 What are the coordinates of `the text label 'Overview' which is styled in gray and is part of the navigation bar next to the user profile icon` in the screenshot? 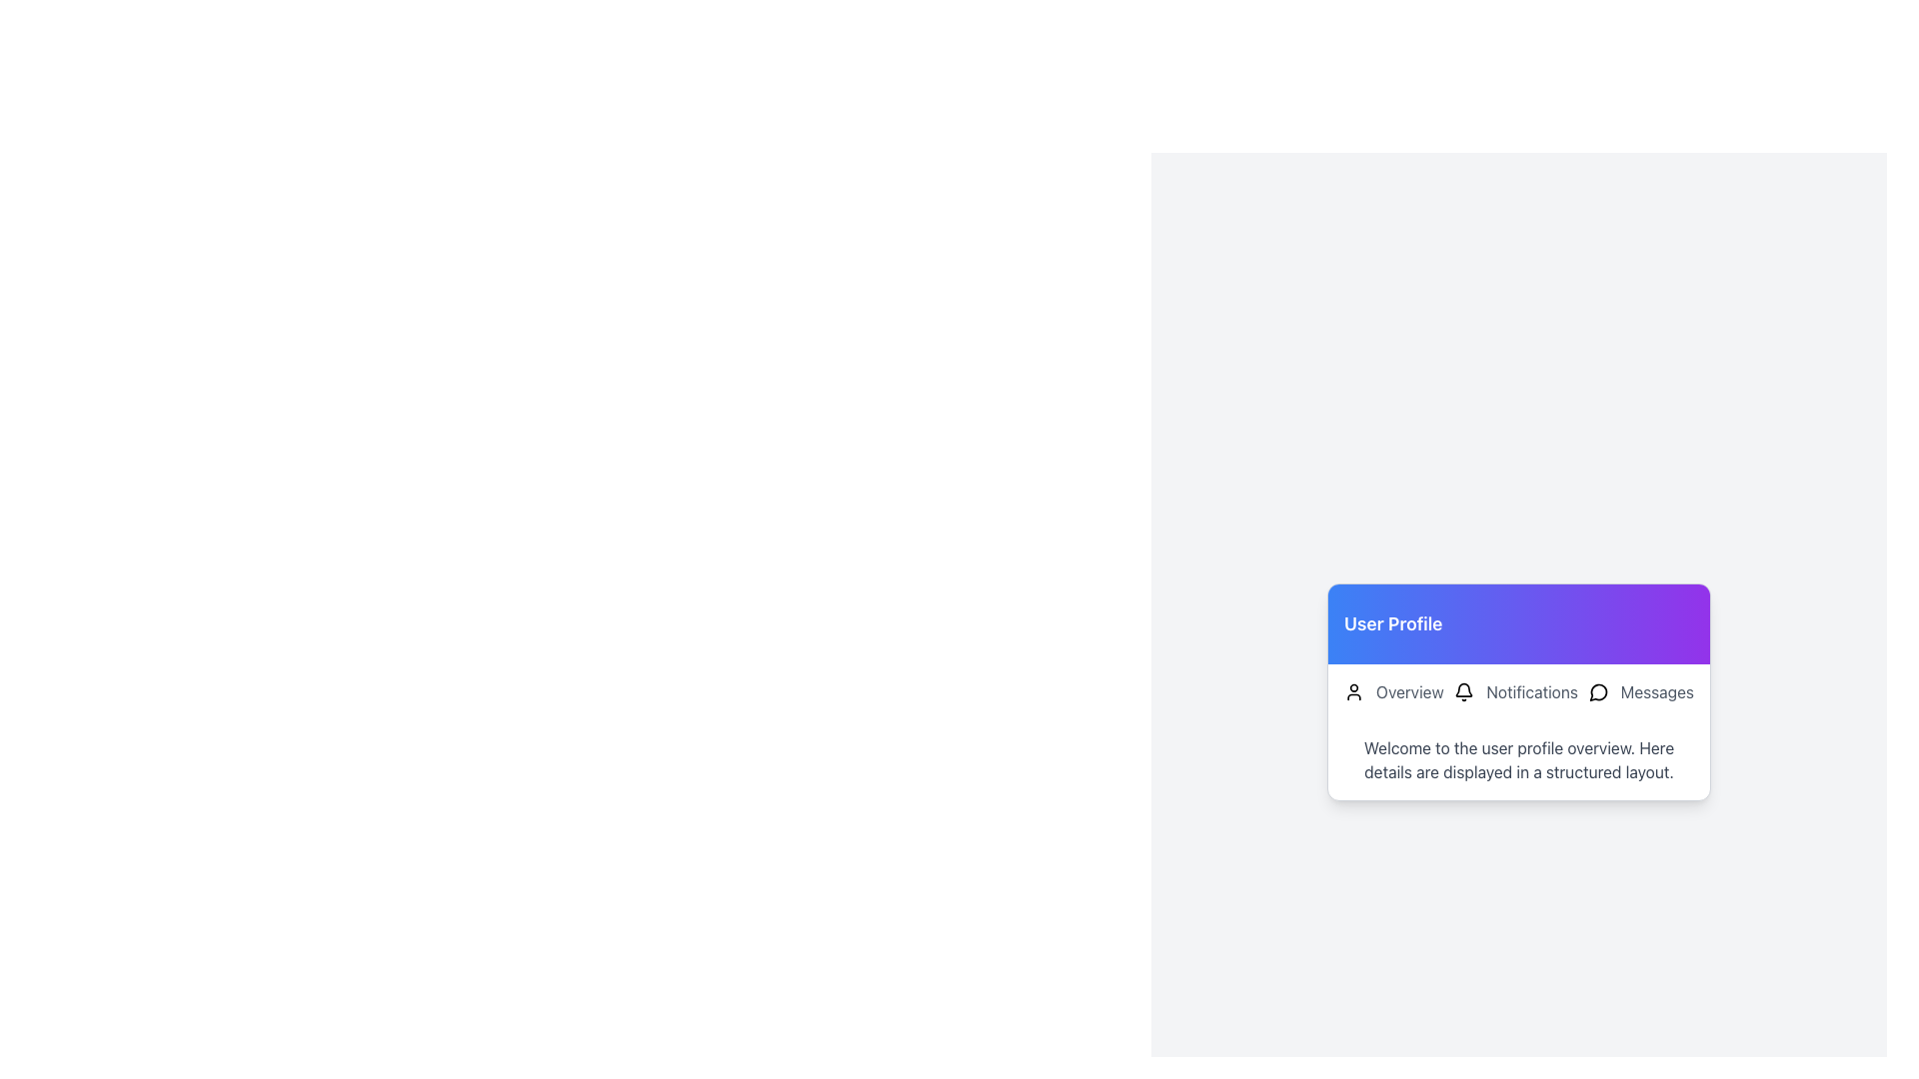 It's located at (1408, 691).